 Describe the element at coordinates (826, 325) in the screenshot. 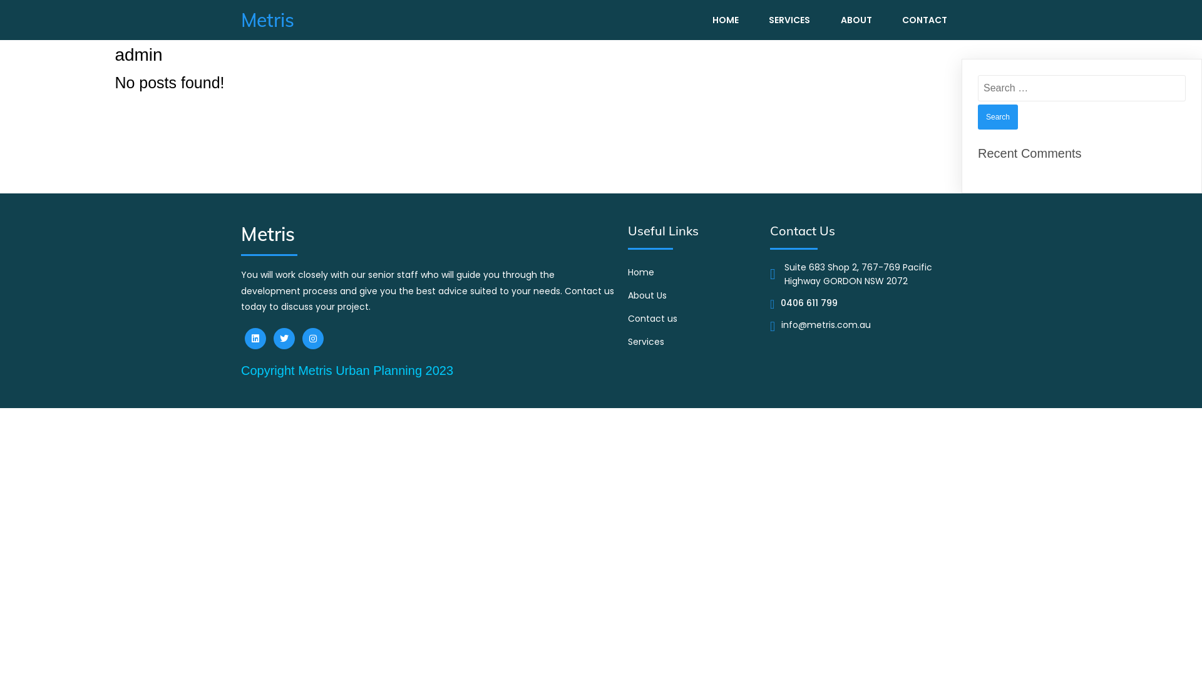

I see `'info@metris.com.au'` at that location.